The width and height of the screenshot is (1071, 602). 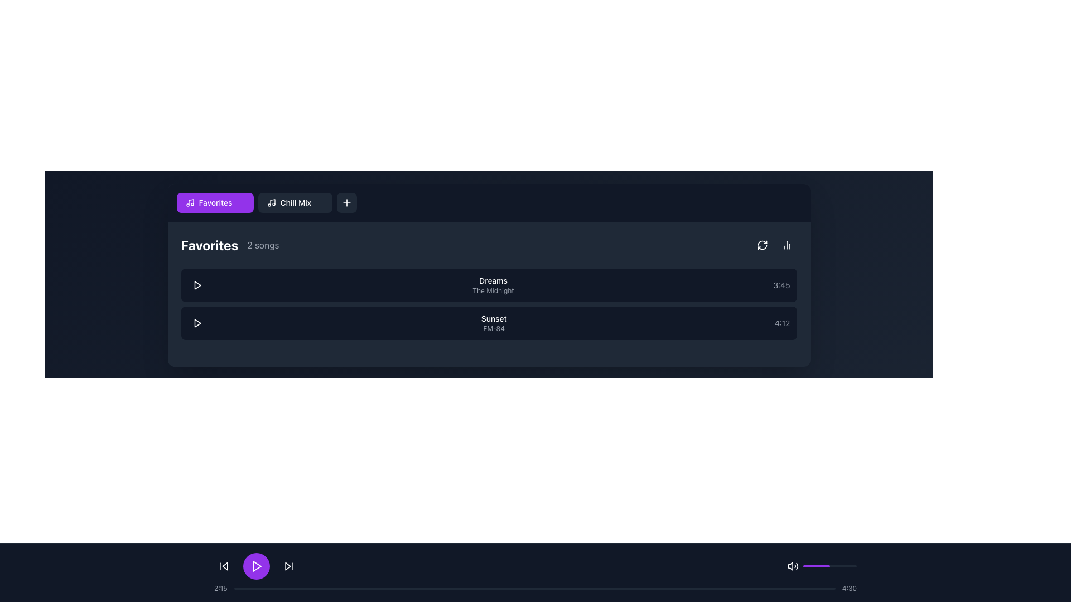 I want to click on the 'Chill Mix' button, which is located between the 'Favorites' button and the '+' button in the upper section of the interface to trigger hover effects, so click(x=295, y=202).